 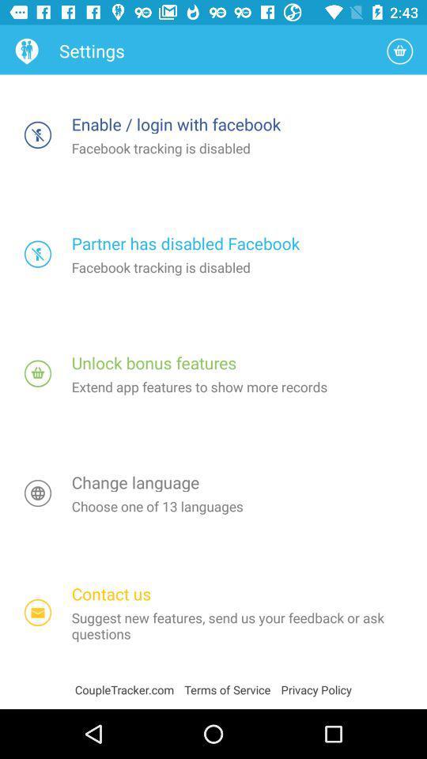 I want to click on the email icon, so click(x=38, y=612).